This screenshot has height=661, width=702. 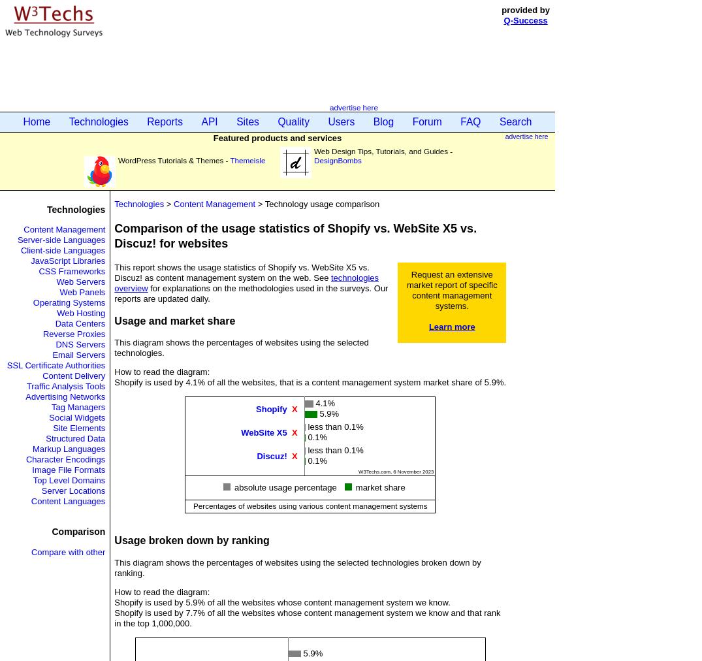 What do you see at coordinates (271, 455) in the screenshot?
I see `'Discuz!'` at bounding box center [271, 455].